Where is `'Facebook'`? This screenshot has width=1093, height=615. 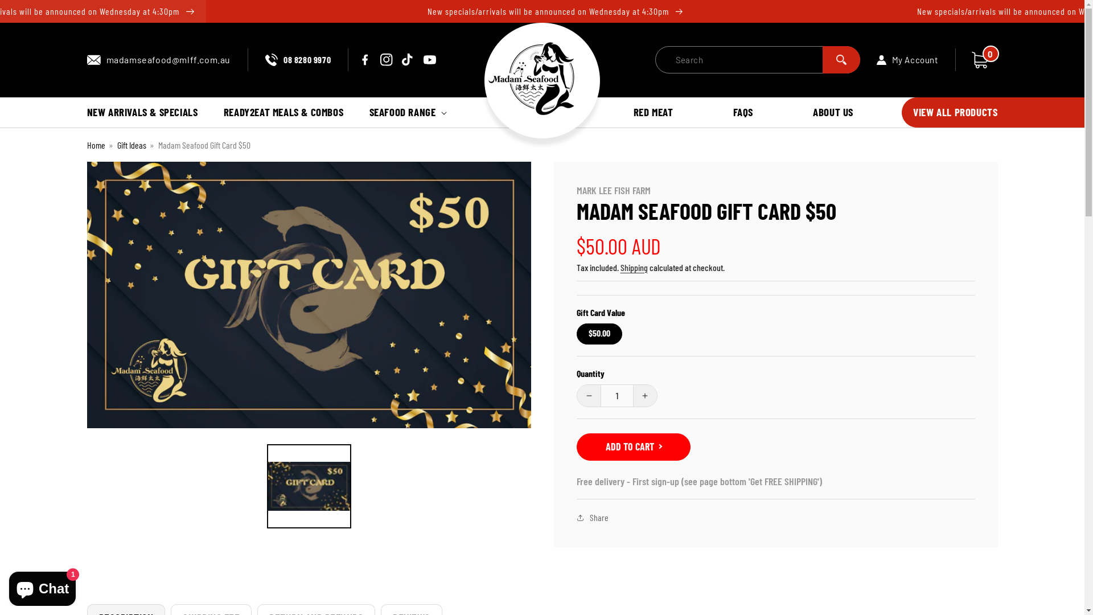
'Facebook' is located at coordinates (365, 59).